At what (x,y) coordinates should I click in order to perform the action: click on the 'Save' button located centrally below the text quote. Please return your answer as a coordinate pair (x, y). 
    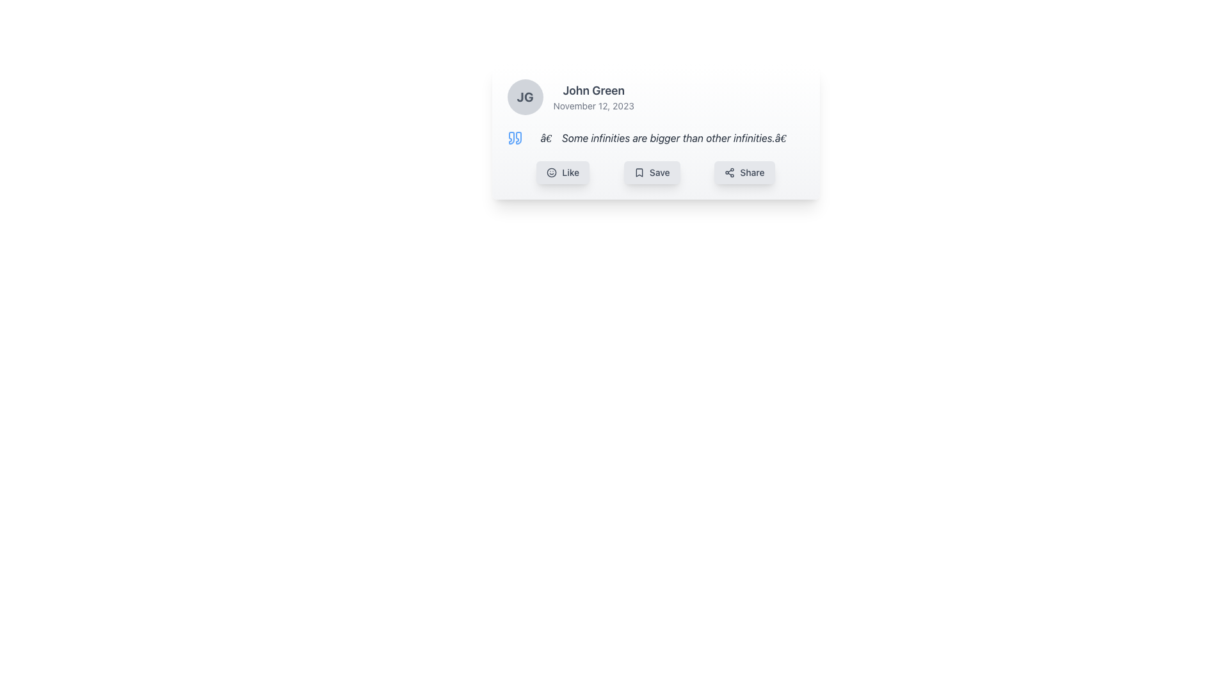
    Looking at the image, I should click on (652, 173).